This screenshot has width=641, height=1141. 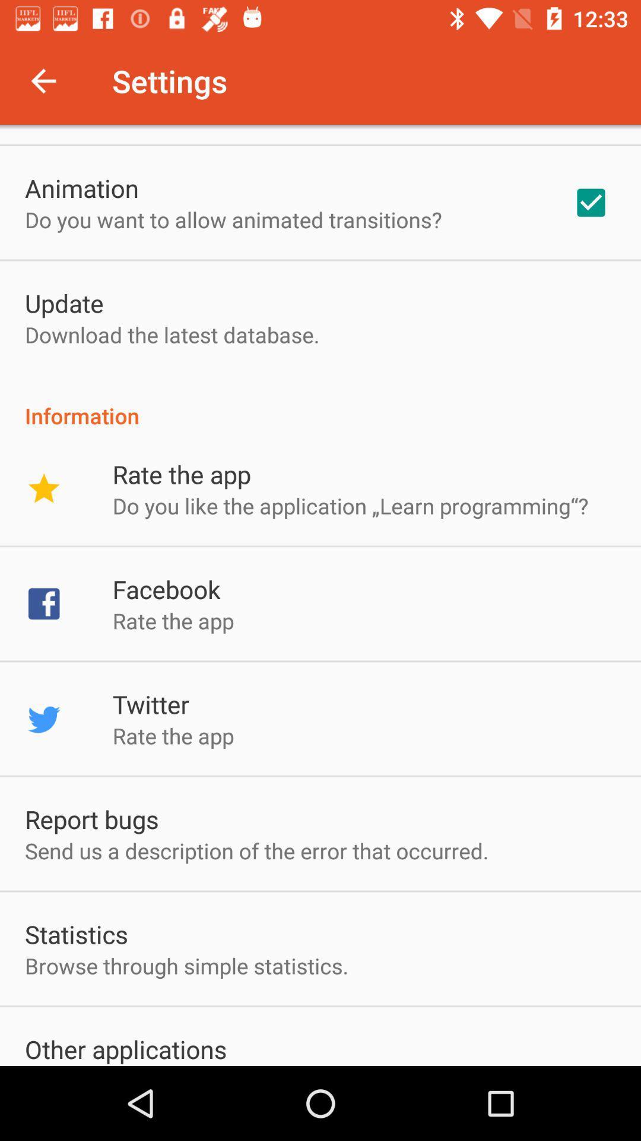 I want to click on the update item, so click(x=64, y=302).